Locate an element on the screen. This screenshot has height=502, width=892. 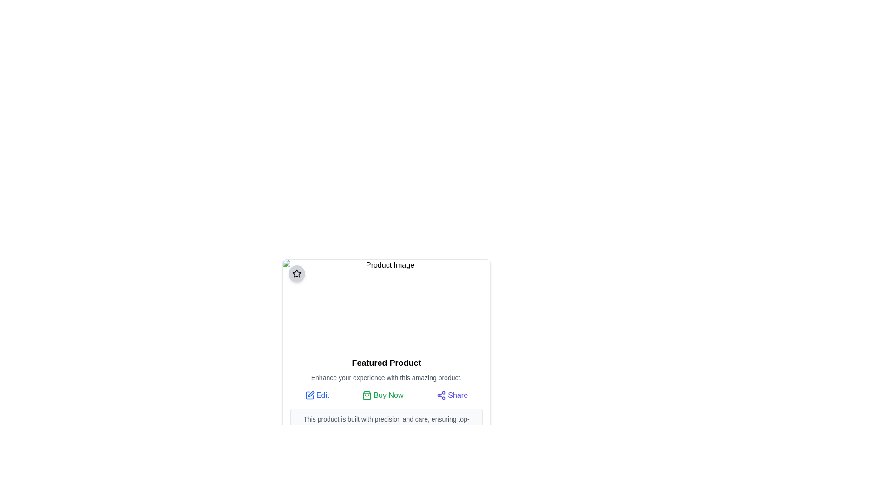
the 'Buy Now' button in the horizontal button group located in the middle of the 'Featured Product' component to proceed with a purchase is located at coordinates (386, 396).